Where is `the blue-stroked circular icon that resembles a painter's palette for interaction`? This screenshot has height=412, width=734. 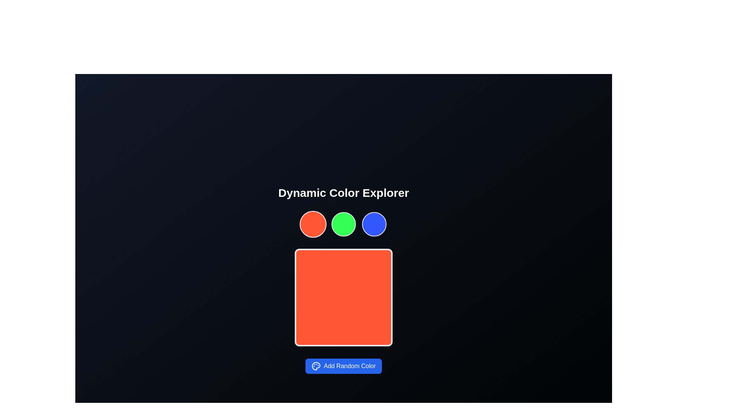 the blue-stroked circular icon that resembles a painter's palette for interaction is located at coordinates (316, 366).